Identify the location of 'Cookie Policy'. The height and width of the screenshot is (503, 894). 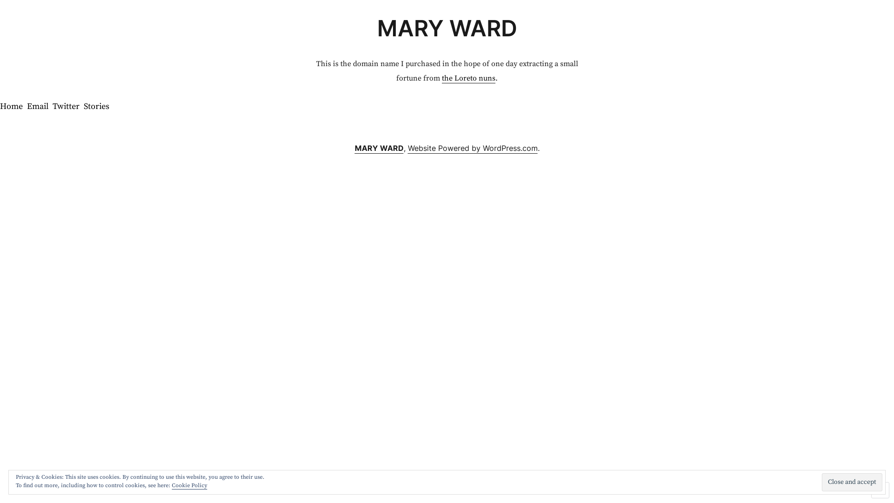
(189, 485).